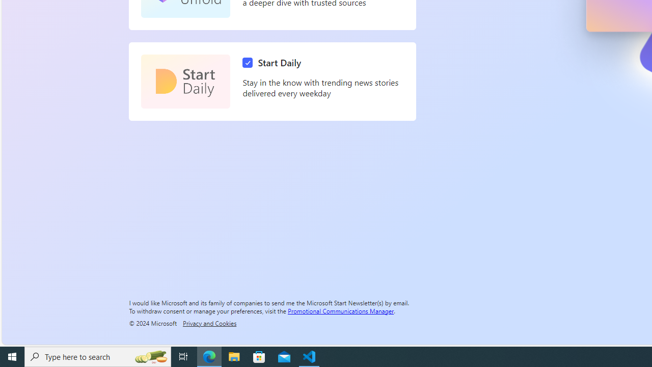 The image size is (652, 367). Describe the element at coordinates (341, 310) in the screenshot. I see `'Promotional Communications Manager'` at that location.